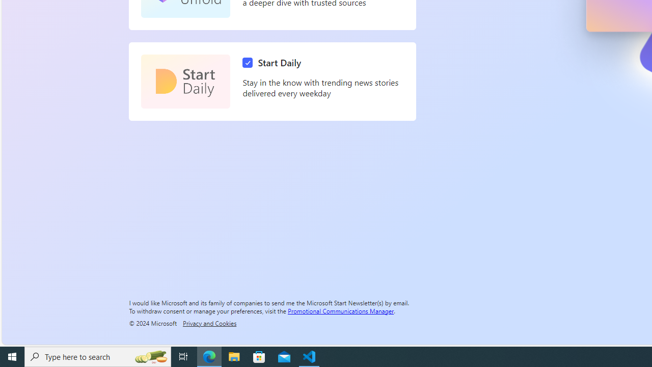 The image size is (652, 367). Describe the element at coordinates (341, 310) in the screenshot. I see `'Promotional Communications Manager'` at that location.